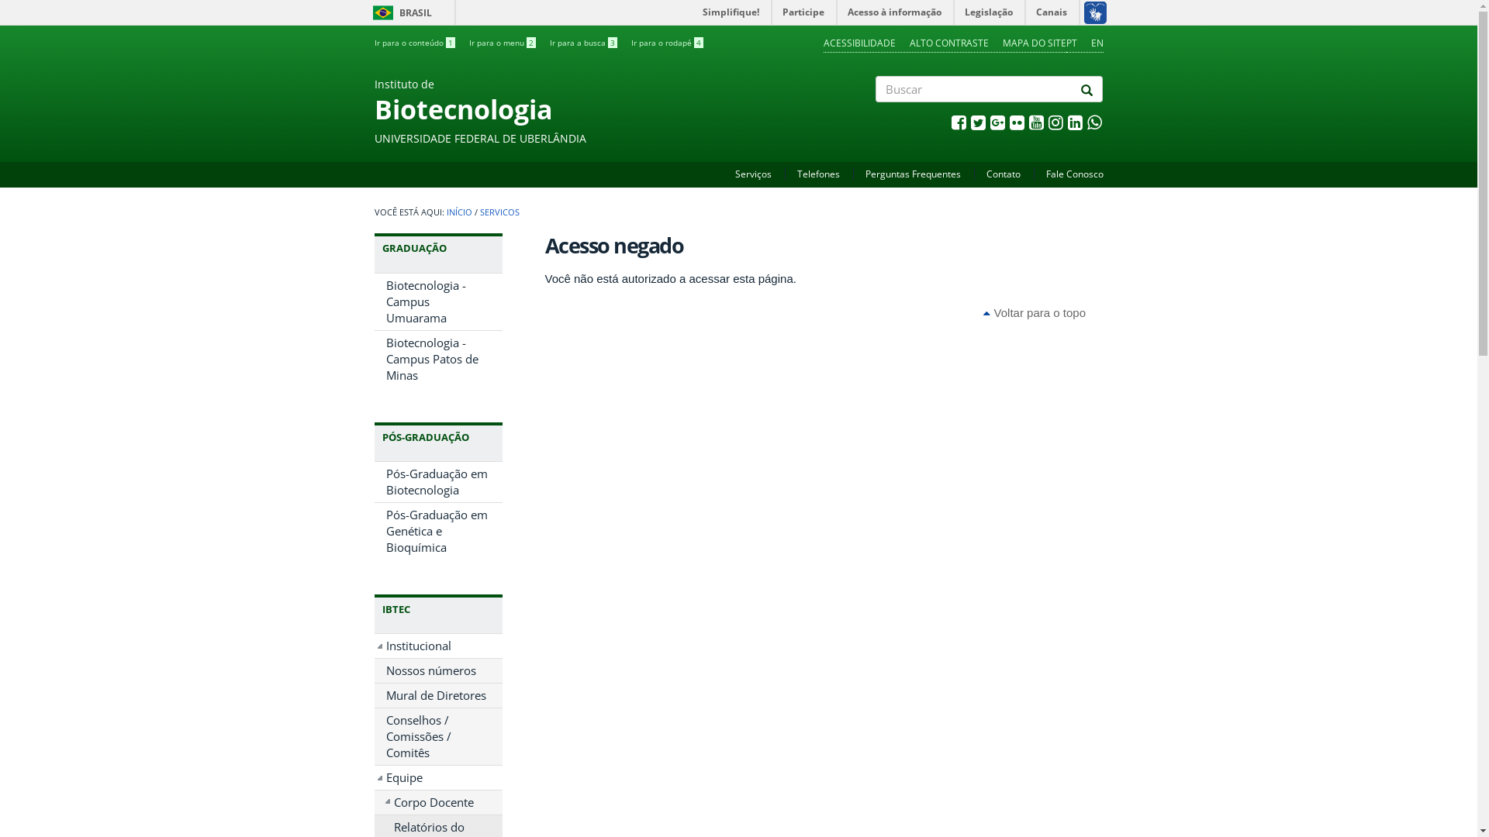 This screenshot has width=1489, height=837. Describe the element at coordinates (913, 174) in the screenshot. I see `'Perguntas Frequentes'` at that location.